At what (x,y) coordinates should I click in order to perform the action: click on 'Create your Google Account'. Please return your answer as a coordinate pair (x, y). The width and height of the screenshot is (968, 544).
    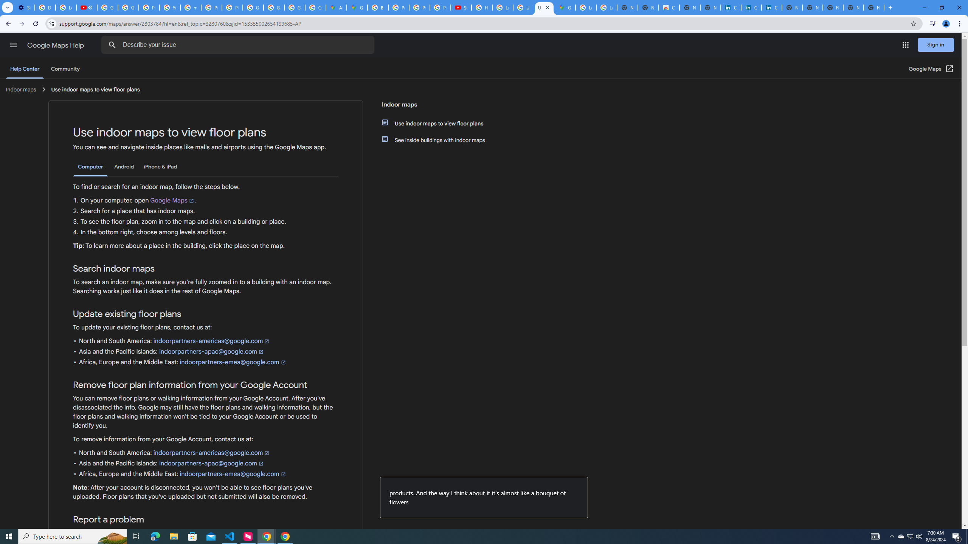
    Looking at the image, I should click on (315, 7).